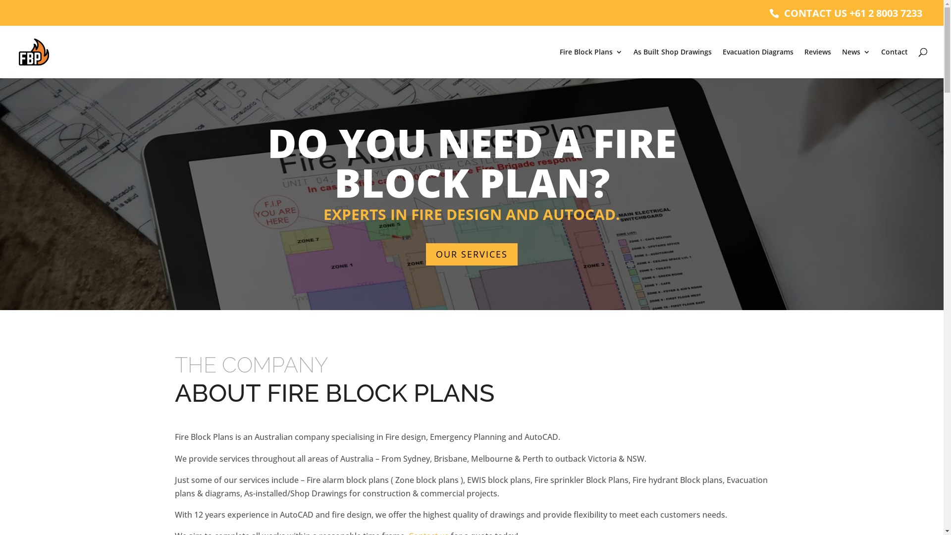  What do you see at coordinates (894, 63) in the screenshot?
I see `'Contact'` at bounding box center [894, 63].